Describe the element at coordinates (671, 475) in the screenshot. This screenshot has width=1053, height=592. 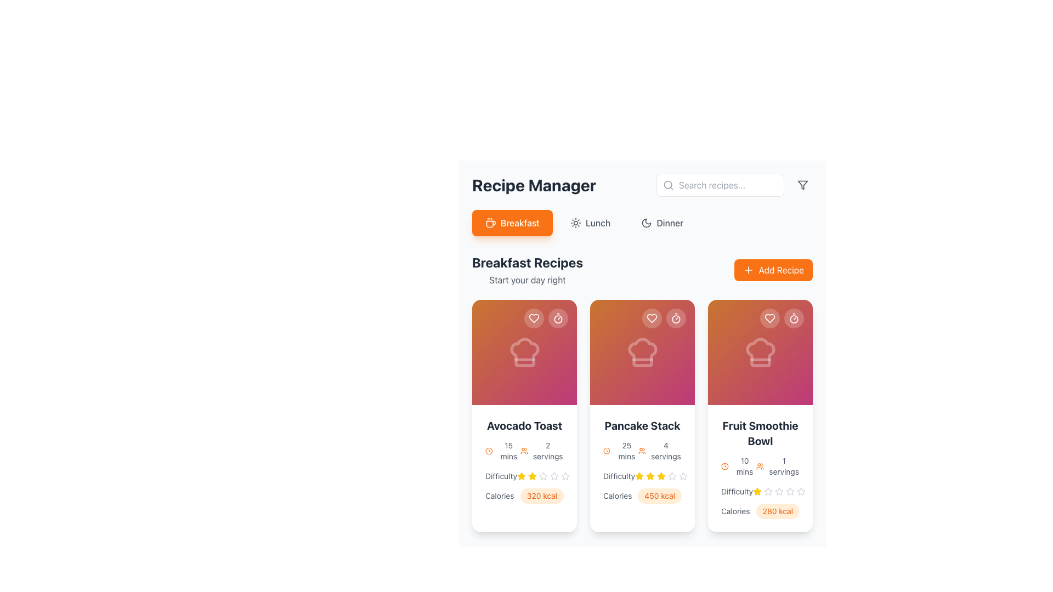
I see `the fifth star icon` at that location.